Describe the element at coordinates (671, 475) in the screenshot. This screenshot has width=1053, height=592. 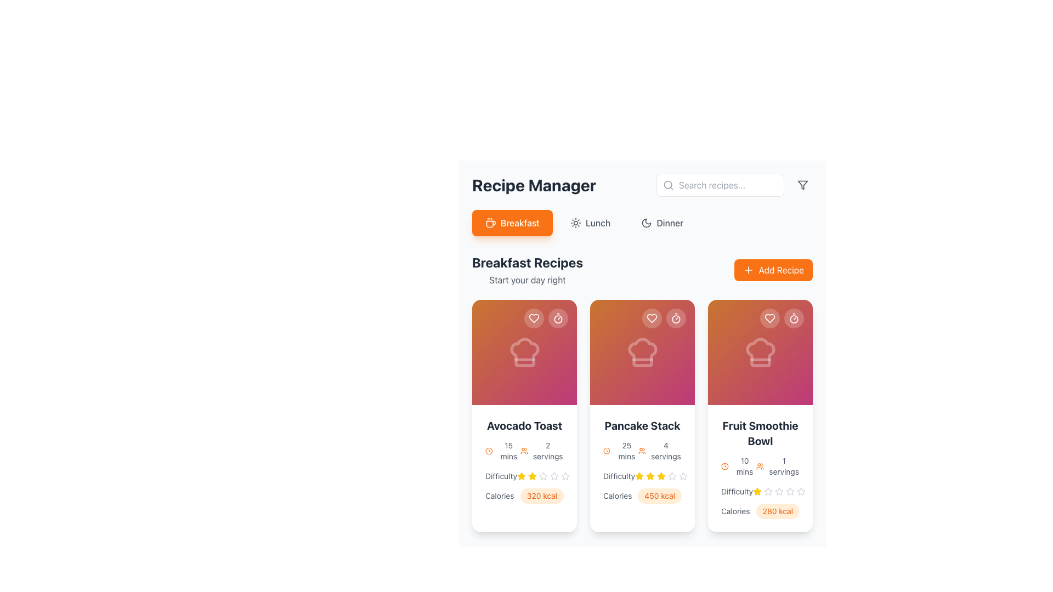
I see `the fifth star icon` at that location.